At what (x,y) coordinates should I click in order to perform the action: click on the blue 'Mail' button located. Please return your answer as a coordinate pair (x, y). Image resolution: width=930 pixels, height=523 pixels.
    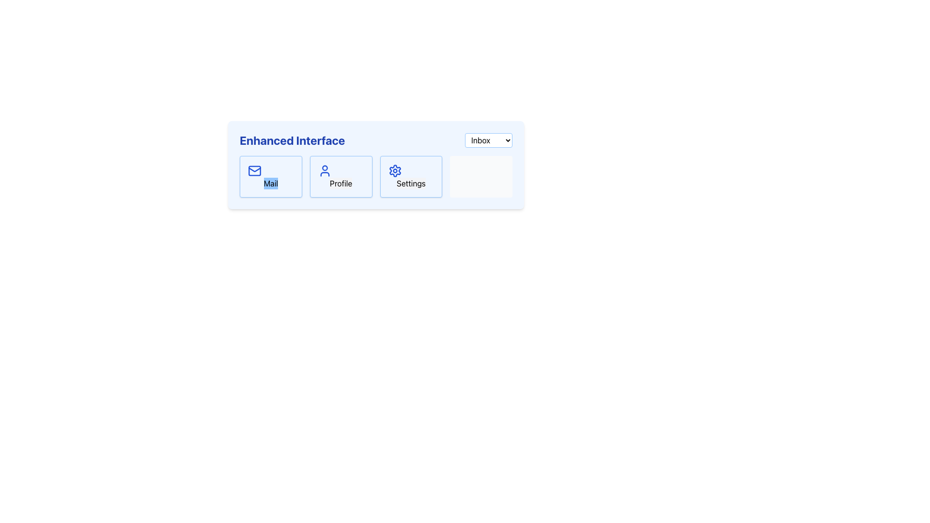
    Looking at the image, I should click on (271, 183).